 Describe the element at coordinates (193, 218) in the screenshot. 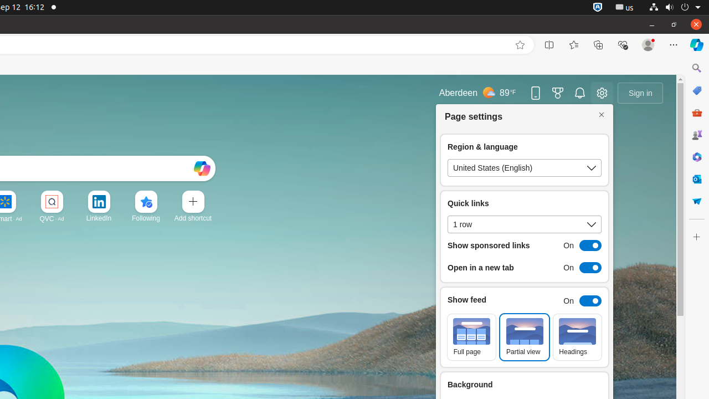

I see `'Add a site'` at that location.